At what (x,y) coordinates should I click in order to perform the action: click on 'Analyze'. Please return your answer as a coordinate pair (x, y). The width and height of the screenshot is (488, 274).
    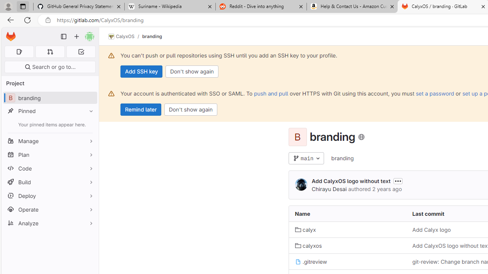
    Looking at the image, I should click on (50, 223).